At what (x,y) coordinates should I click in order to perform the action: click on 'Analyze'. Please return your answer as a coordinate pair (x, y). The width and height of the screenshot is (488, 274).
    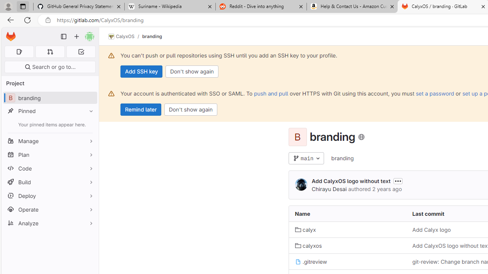
    Looking at the image, I should click on (50, 223).